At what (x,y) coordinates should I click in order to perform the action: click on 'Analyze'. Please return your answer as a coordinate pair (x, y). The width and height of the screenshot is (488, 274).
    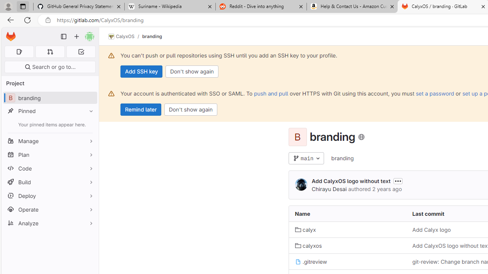
    Looking at the image, I should click on (50, 223).